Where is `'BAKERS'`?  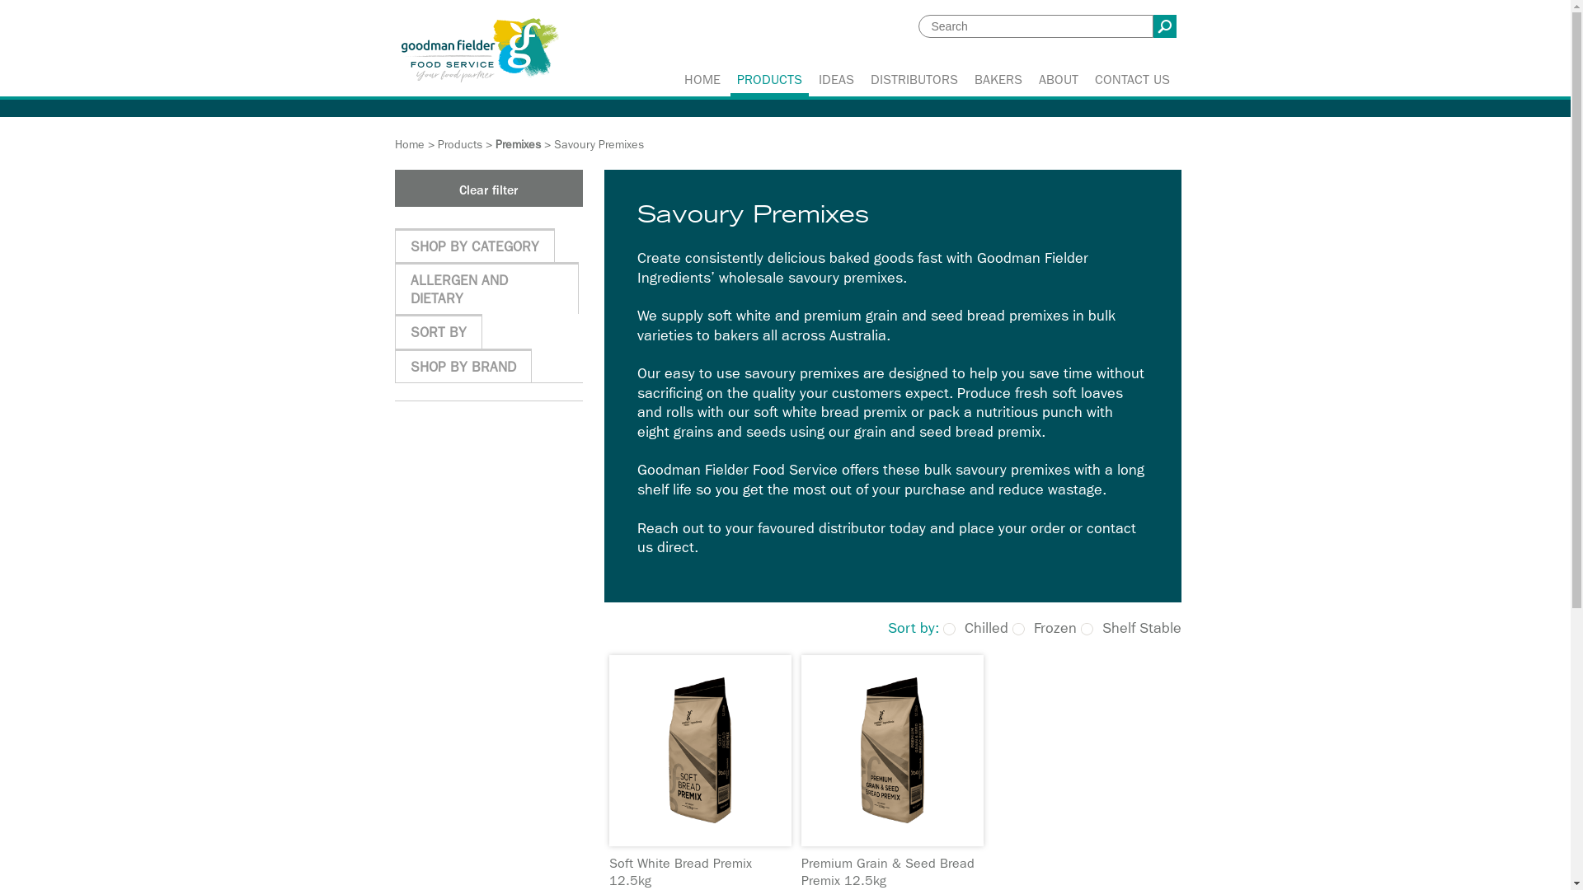 'BAKERS' is located at coordinates (997, 80).